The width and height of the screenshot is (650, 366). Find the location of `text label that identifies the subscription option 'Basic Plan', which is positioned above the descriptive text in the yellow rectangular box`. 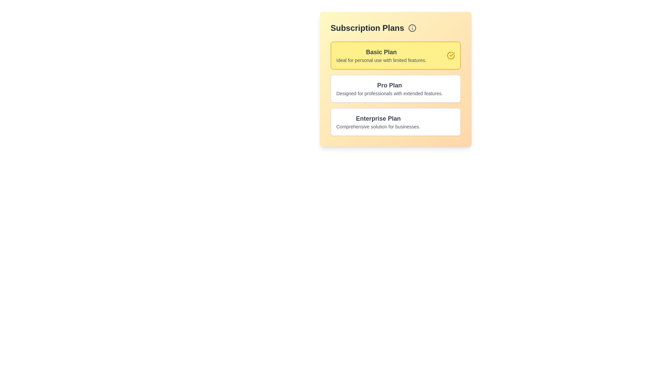

text label that identifies the subscription option 'Basic Plan', which is positioned above the descriptive text in the yellow rectangular box is located at coordinates (381, 52).